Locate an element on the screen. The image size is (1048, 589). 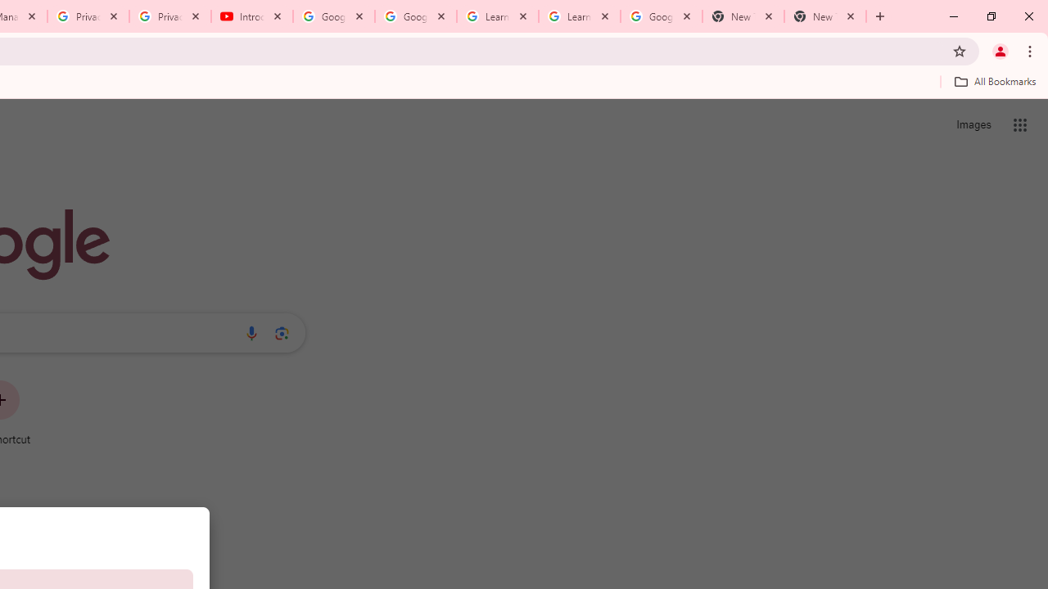
'All Bookmarks' is located at coordinates (994, 81).